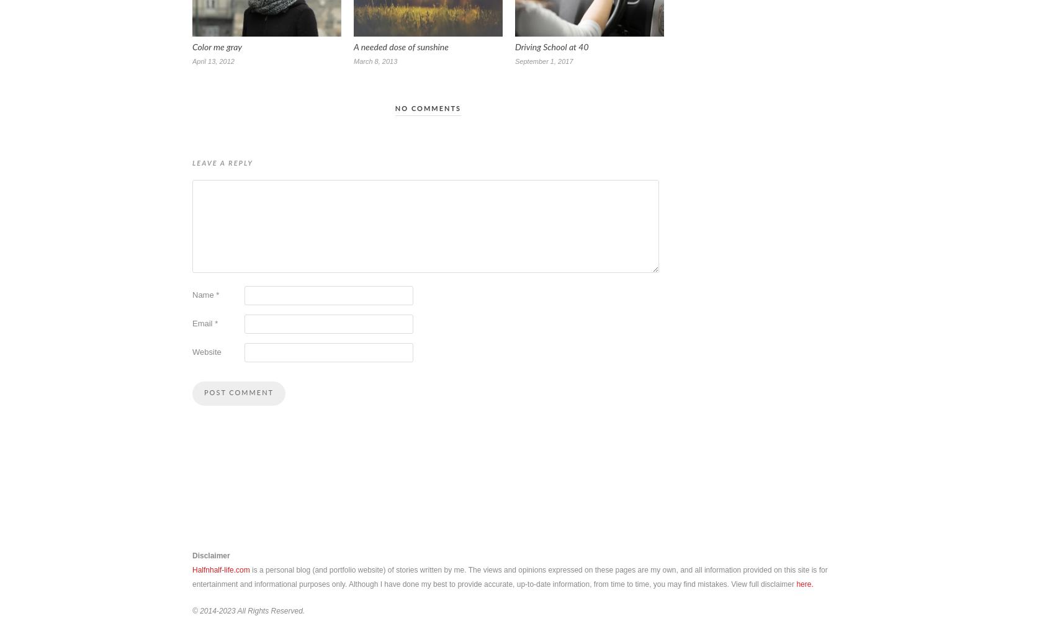 This screenshot has width=1055, height=634. What do you see at coordinates (217, 47) in the screenshot?
I see `'Color me gray'` at bounding box center [217, 47].